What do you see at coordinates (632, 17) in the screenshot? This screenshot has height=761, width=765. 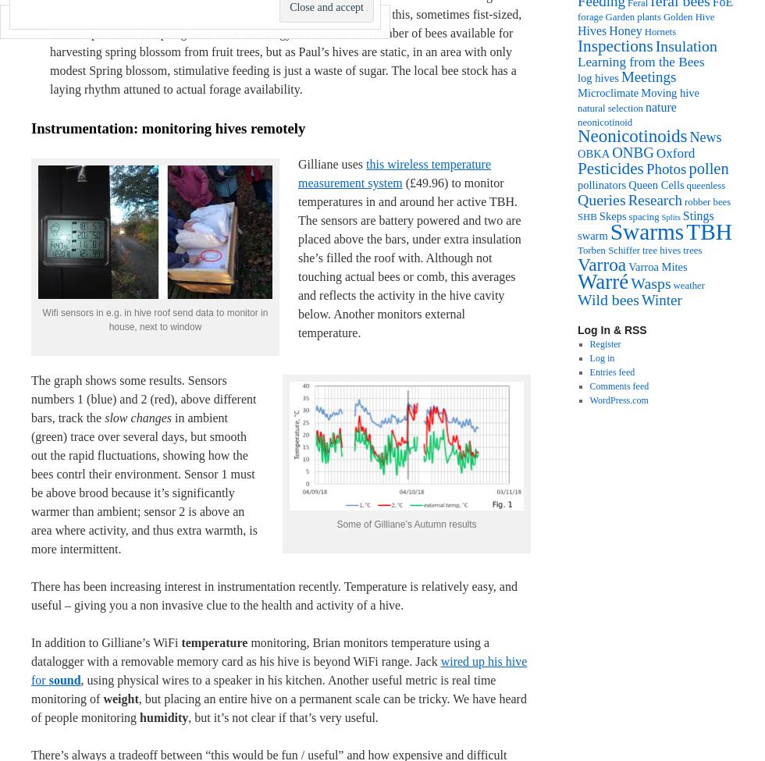 I see `'Garden plants'` at bounding box center [632, 17].